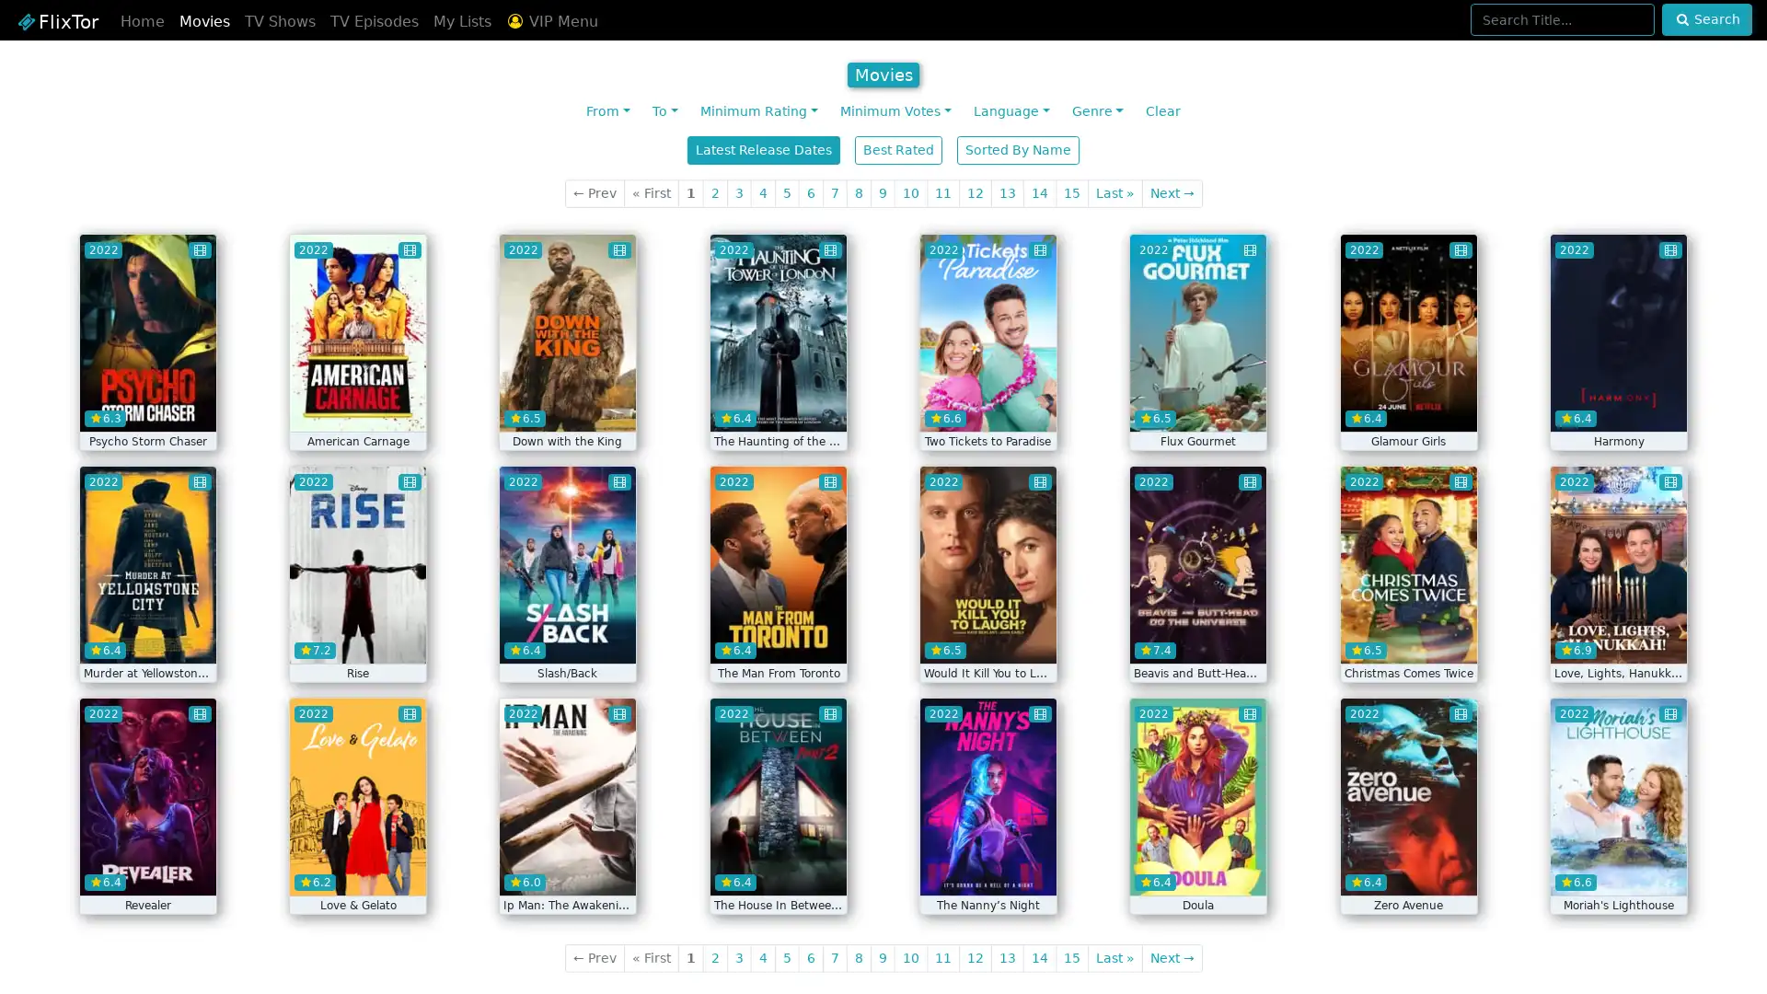  I want to click on Watch Now, so click(357, 635).